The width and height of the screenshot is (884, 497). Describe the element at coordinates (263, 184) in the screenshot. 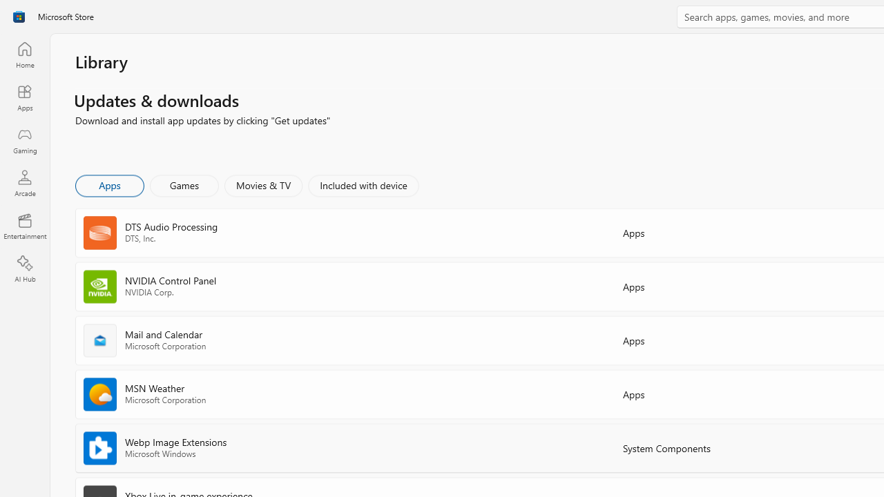

I see `'Movies & TV'` at that location.